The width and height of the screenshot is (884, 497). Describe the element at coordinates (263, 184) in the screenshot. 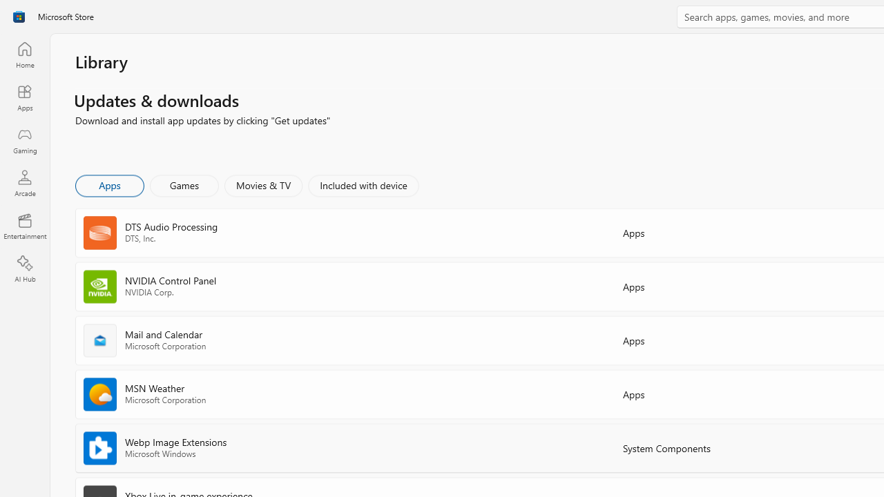

I see `'Movies & TV'` at that location.